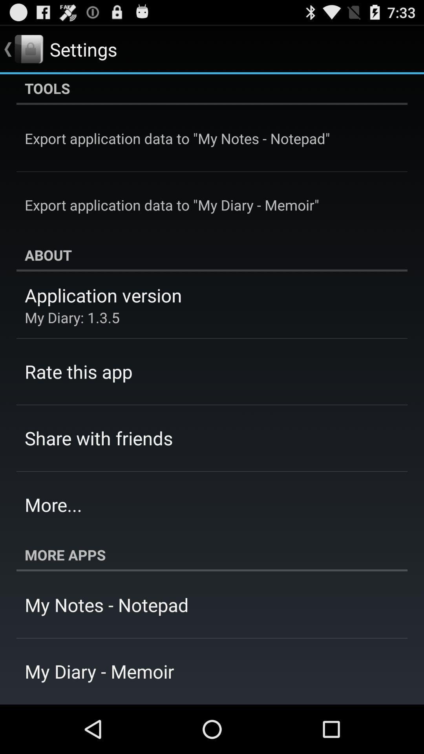  What do you see at coordinates (103, 295) in the screenshot?
I see `the app below about app` at bounding box center [103, 295].